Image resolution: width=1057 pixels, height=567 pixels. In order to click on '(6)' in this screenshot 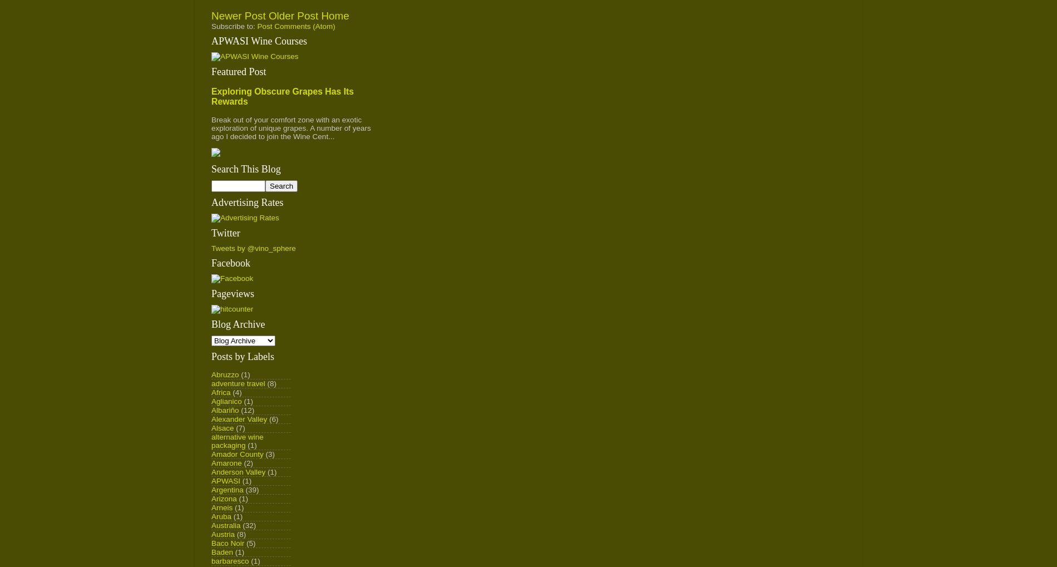, I will do `click(273, 418)`.